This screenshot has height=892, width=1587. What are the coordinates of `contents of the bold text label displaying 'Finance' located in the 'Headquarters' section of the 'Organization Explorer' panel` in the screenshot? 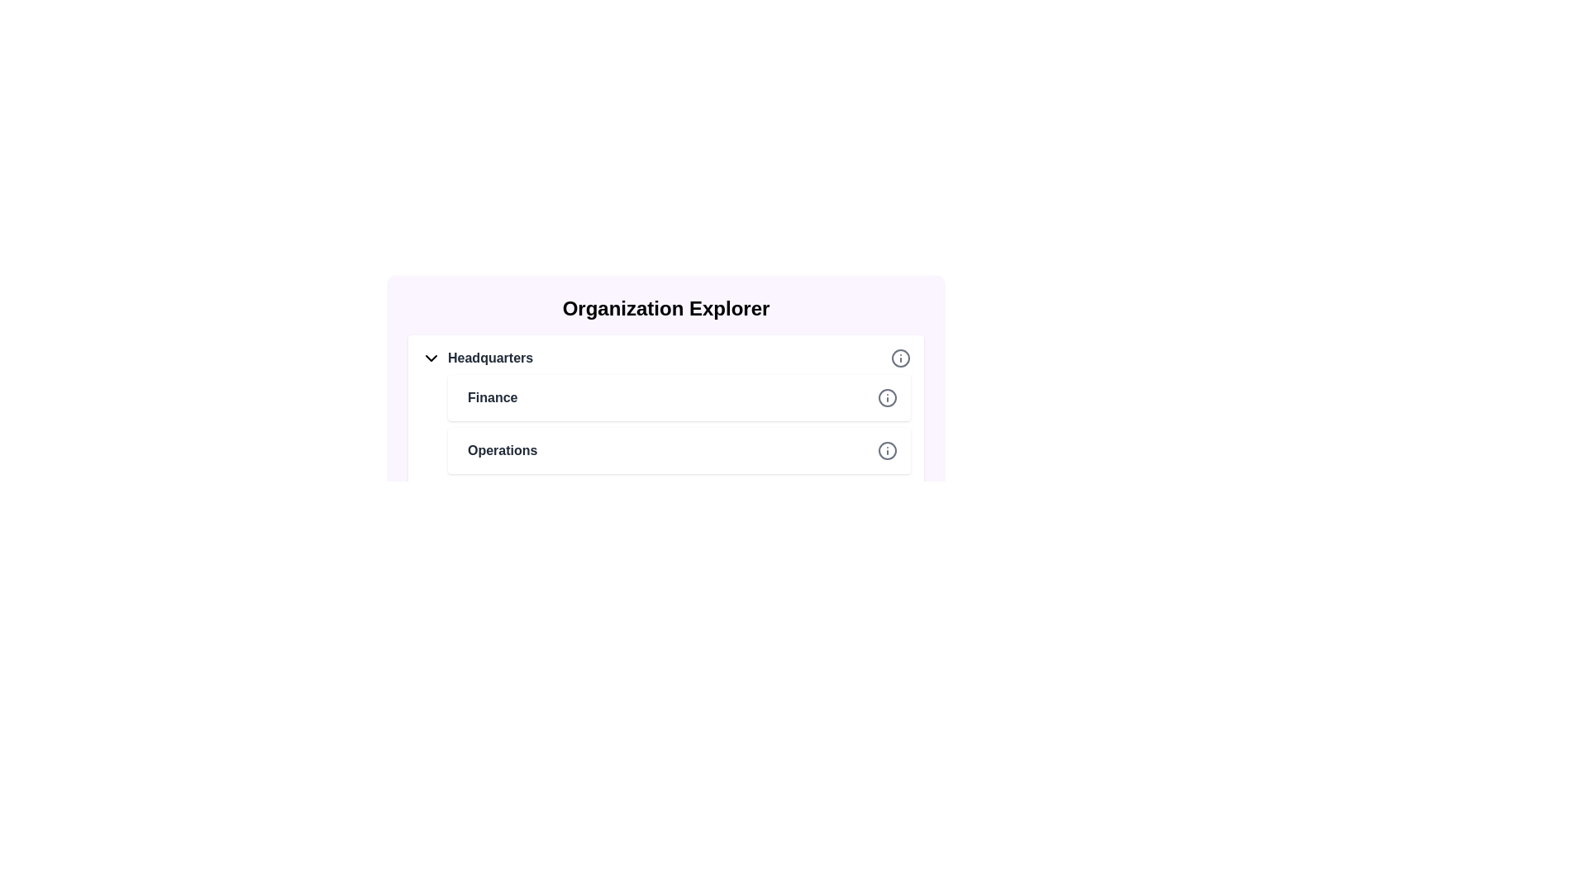 It's located at (492, 398).